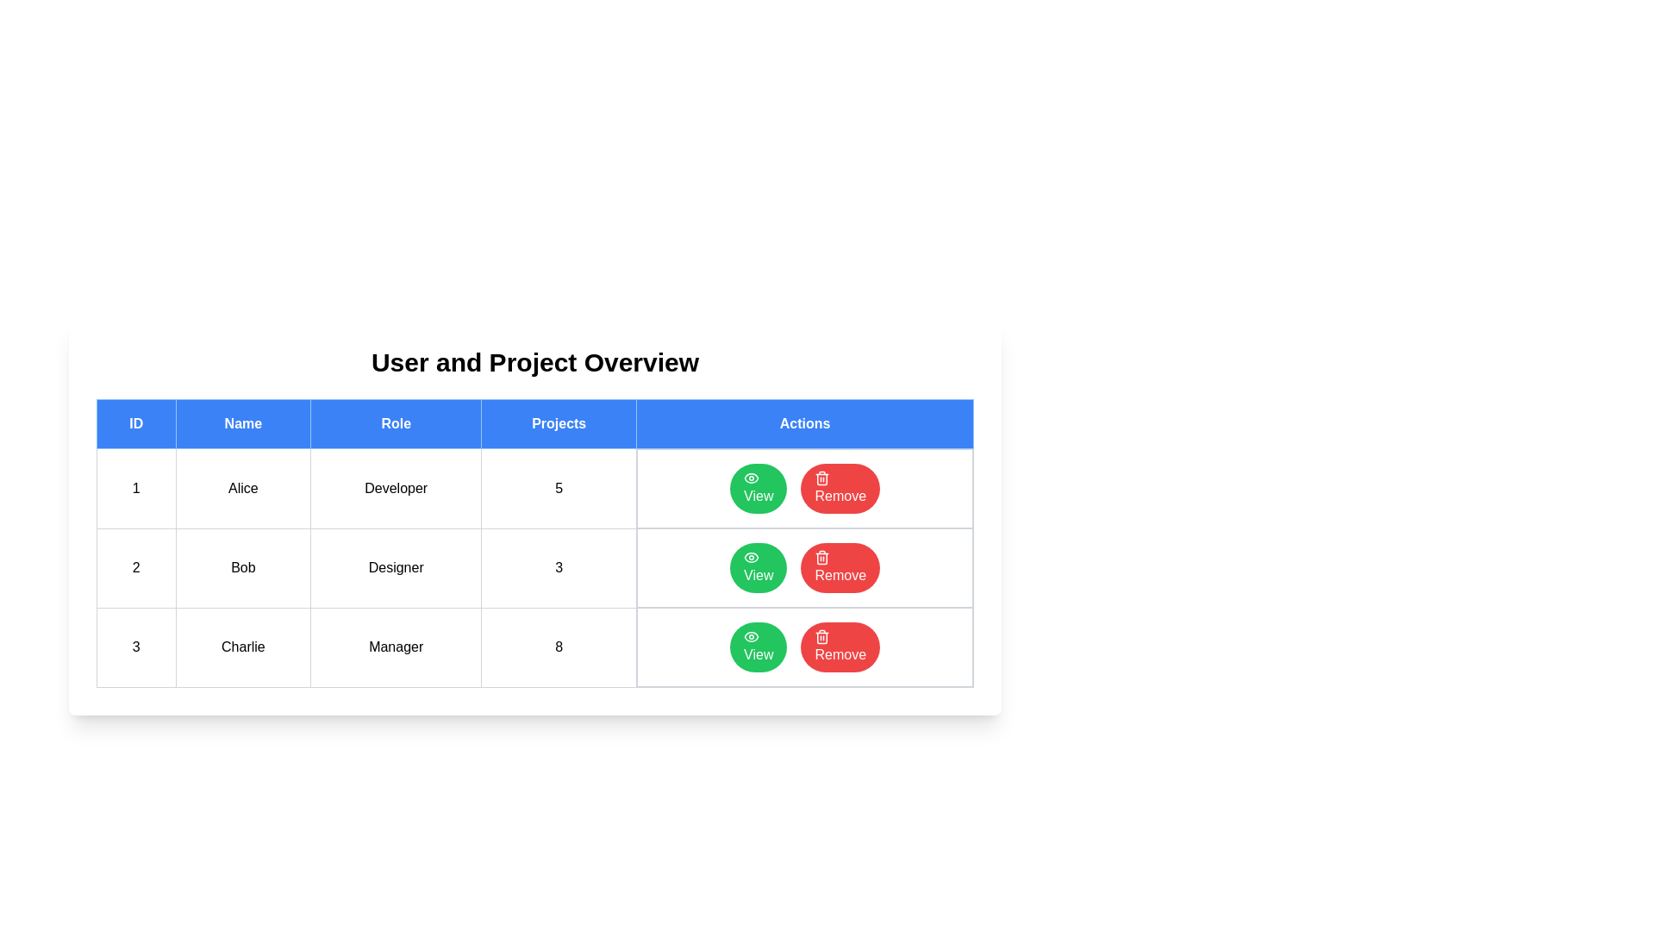 Image resolution: width=1655 pixels, height=931 pixels. I want to click on 'Remove' button for the user with ID 3, so click(840, 647).